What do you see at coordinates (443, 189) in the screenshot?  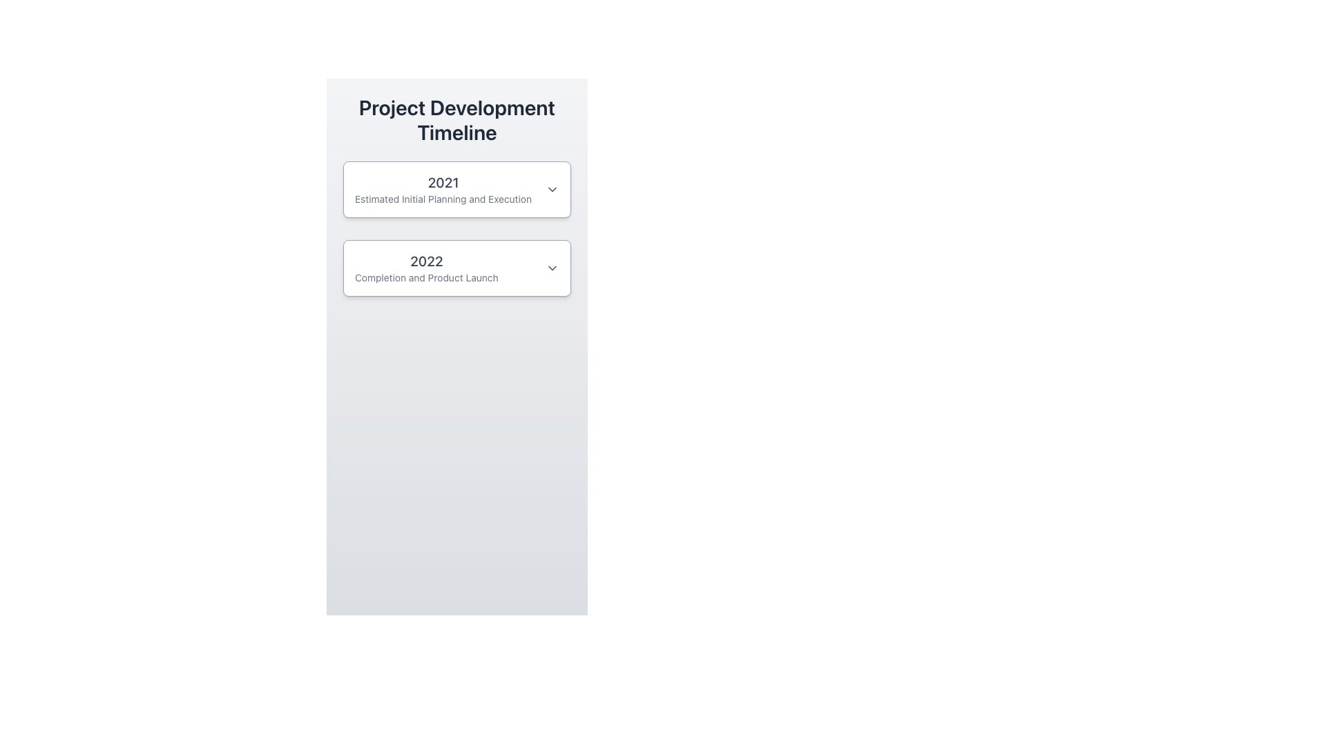 I see `the Text Display showing '2021' and the description 'Estimated Initial Planning and Execution', located below 'Project Development Timeline'` at bounding box center [443, 189].